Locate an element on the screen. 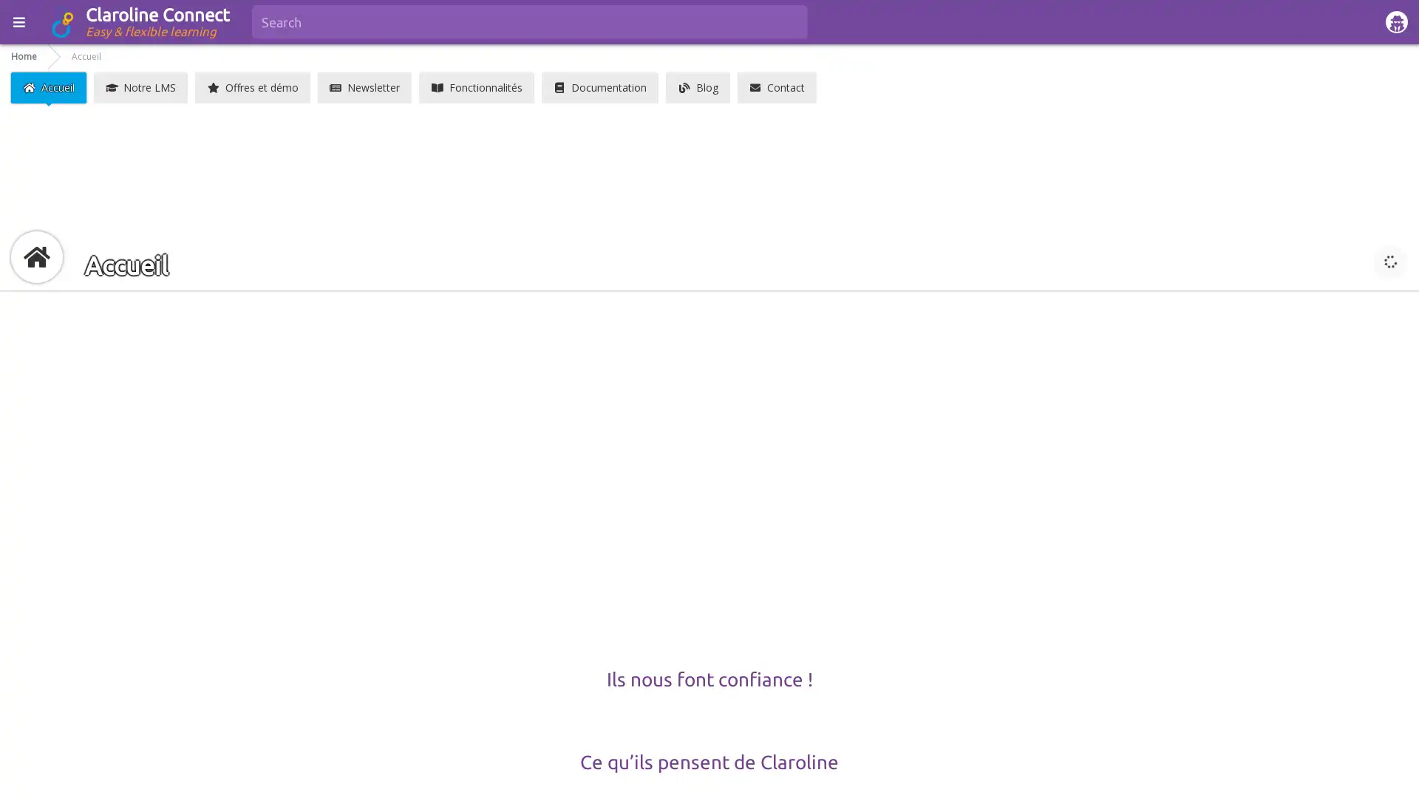 This screenshot has width=1419, height=798. Show more actions is located at coordinates (1389, 261).